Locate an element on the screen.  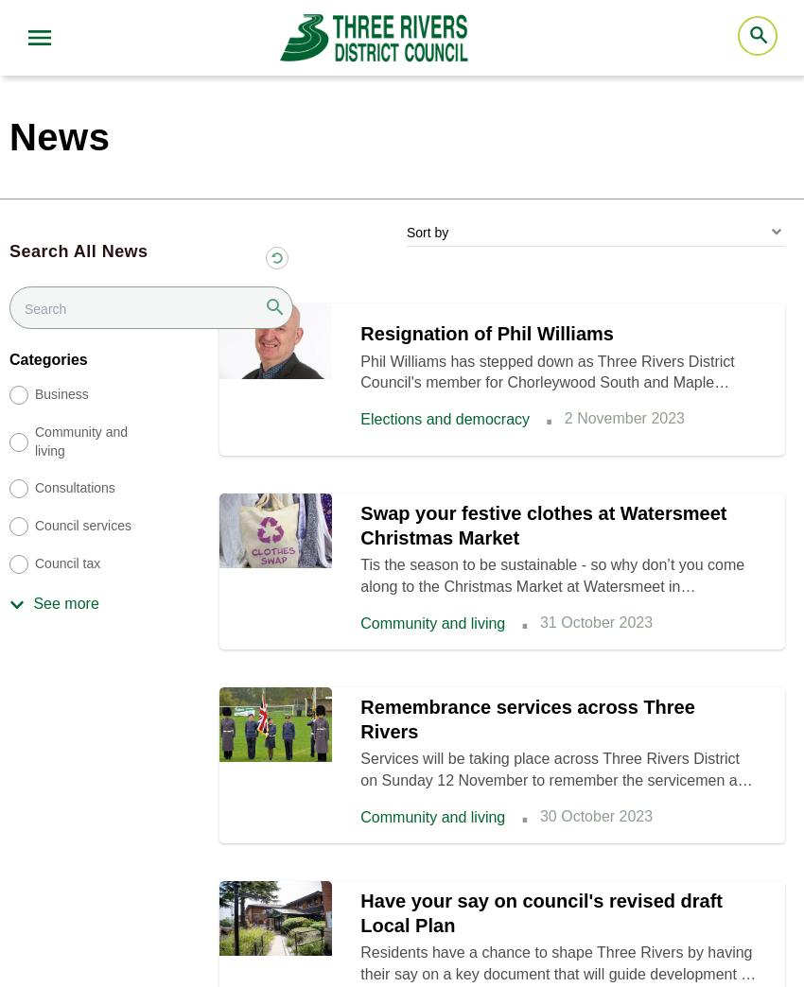
'Have your say on council's revised draft Local Plan' is located at coordinates (541, 911).